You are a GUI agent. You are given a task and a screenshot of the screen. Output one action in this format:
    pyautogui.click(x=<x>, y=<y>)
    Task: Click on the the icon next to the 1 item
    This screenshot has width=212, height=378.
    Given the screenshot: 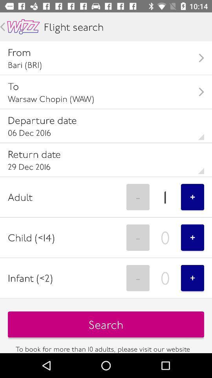 What is the action you would take?
    pyautogui.click(x=192, y=196)
    